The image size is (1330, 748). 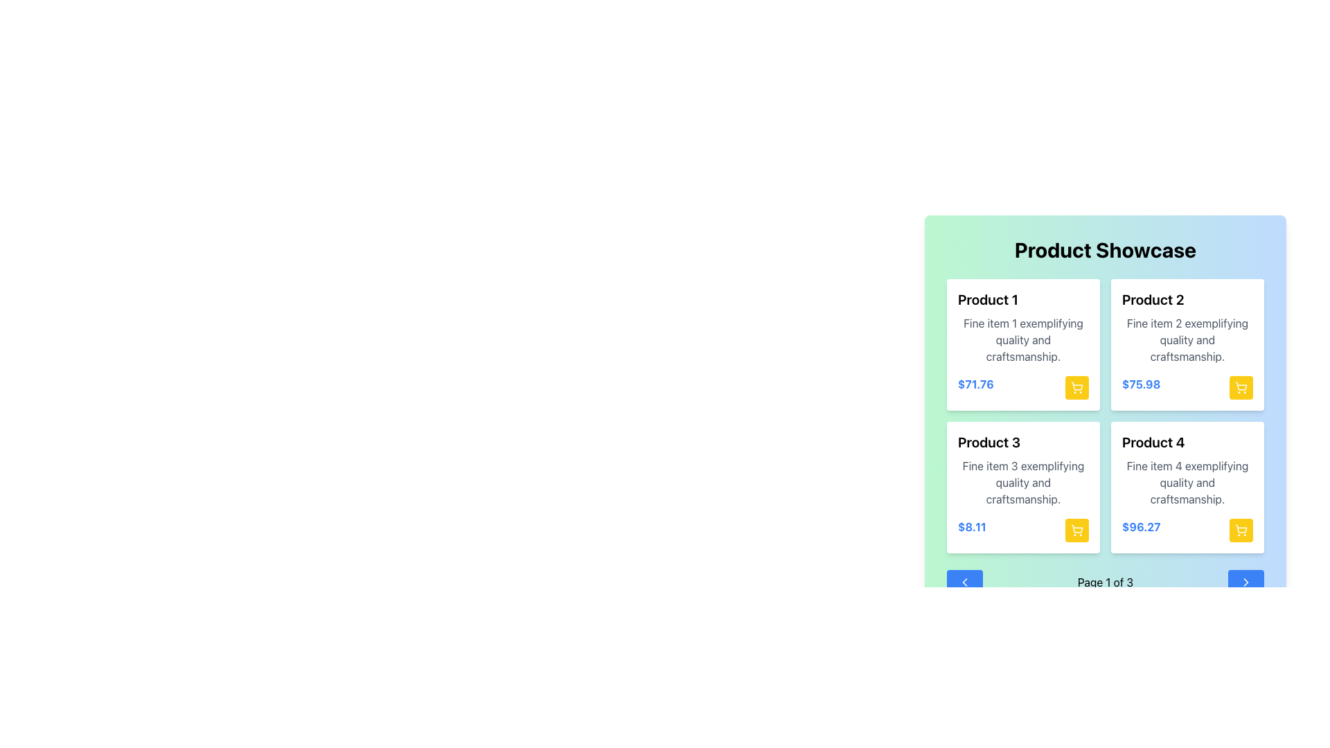 What do you see at coordinates (1187, 387) in the screenshot?
I see `the price display showing '$75.98' in bold, blue text located in the bottom-right area of the card labeled 'Product 2'` at bounding box center [1187, 387].